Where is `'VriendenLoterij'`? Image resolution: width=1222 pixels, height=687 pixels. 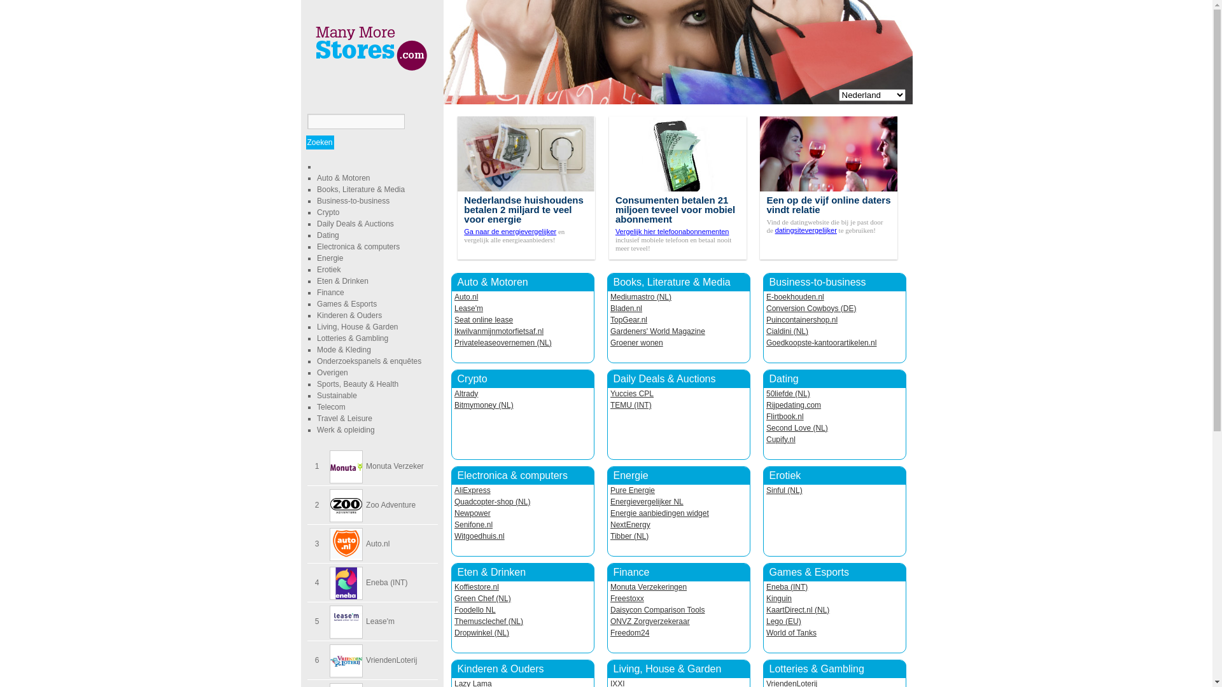
'VriendenLoterij' is located at coordinates (390, 659).